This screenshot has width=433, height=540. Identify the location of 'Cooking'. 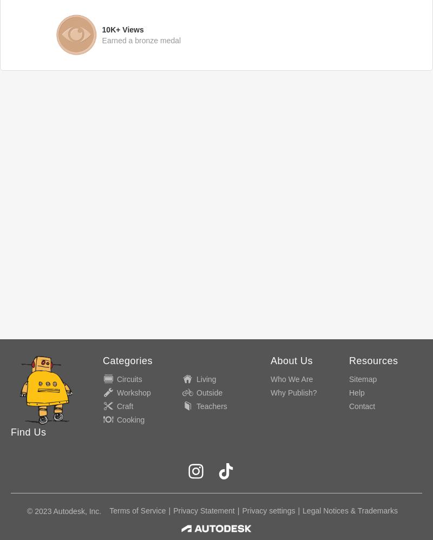
(130, 419).